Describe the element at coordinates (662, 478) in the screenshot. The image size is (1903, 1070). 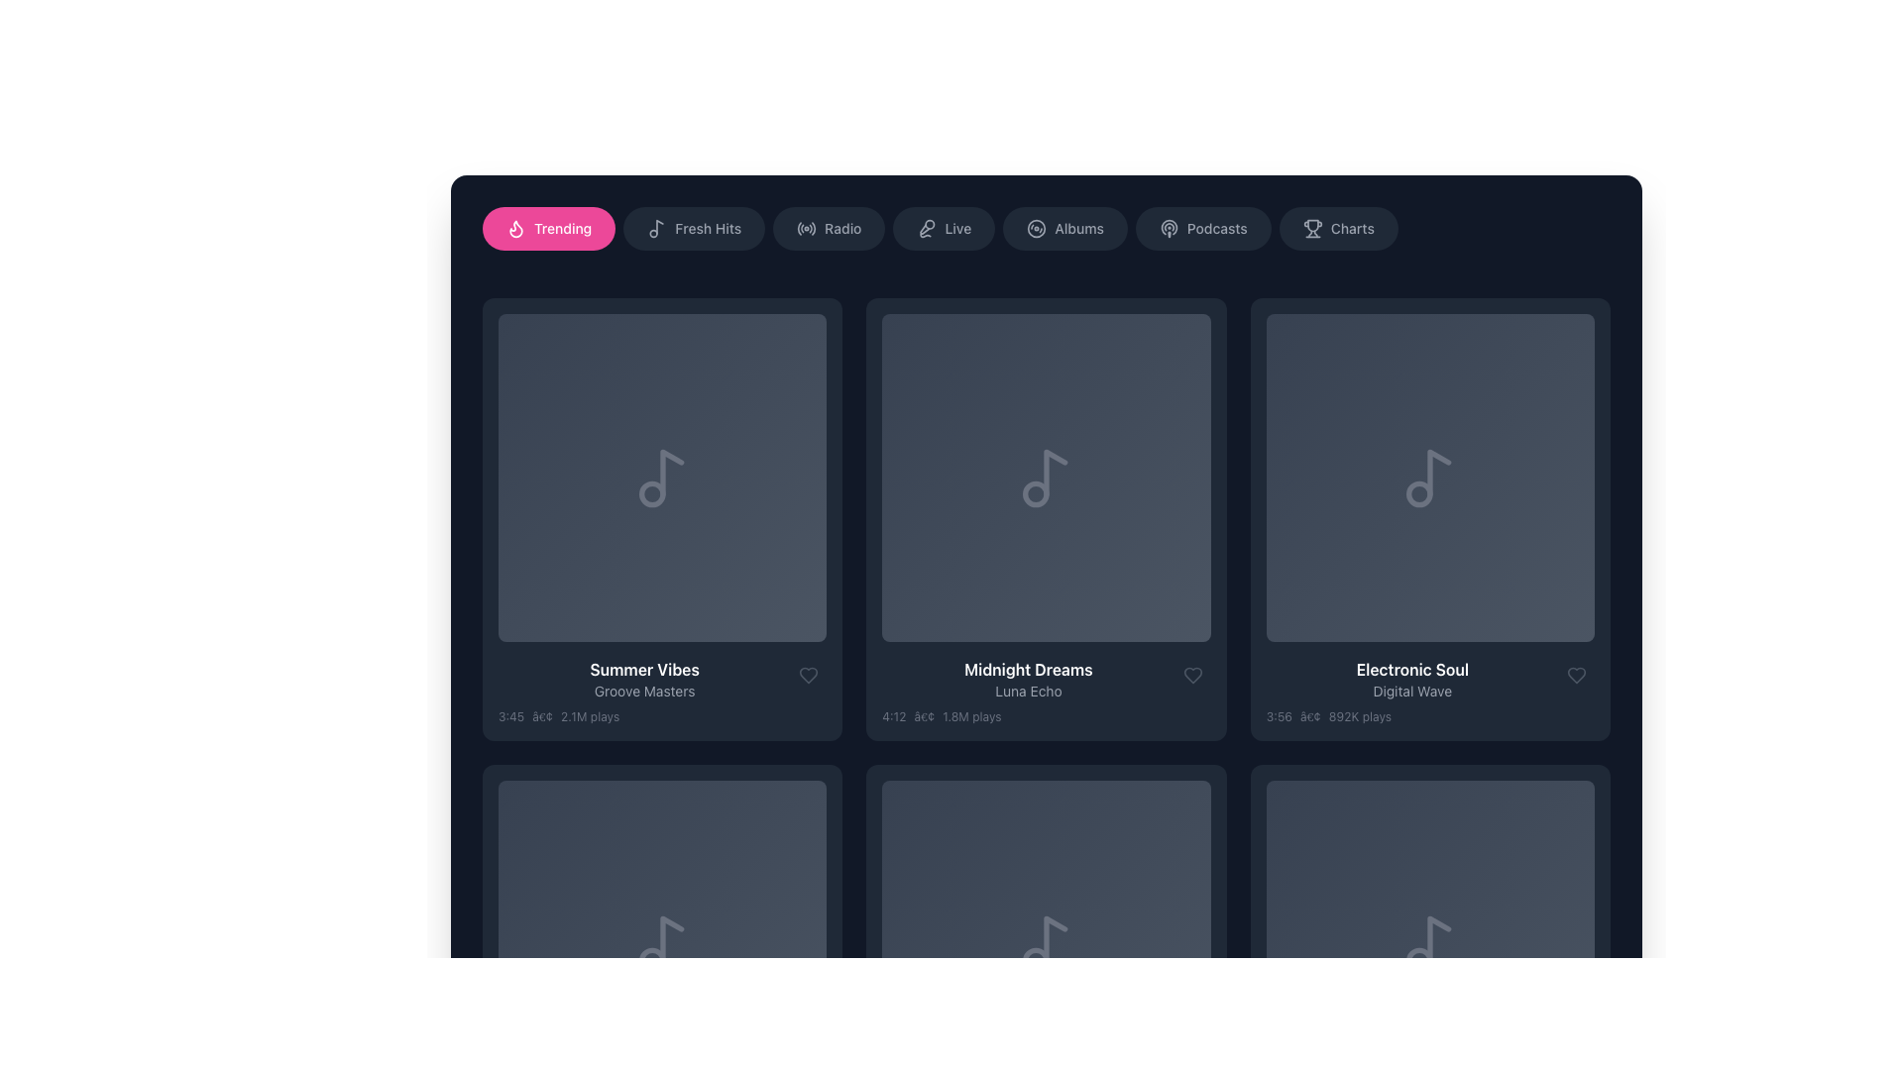
I see `the musical note icon, which is the central element of the first tile beneath the 'Trending' navigation tab, above the 'Summer Vibes' text` at that location.